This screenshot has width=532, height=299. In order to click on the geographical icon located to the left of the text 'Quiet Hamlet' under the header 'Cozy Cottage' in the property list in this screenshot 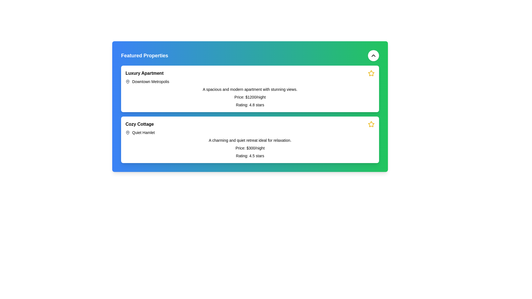, I will do `click(127, 132)`.